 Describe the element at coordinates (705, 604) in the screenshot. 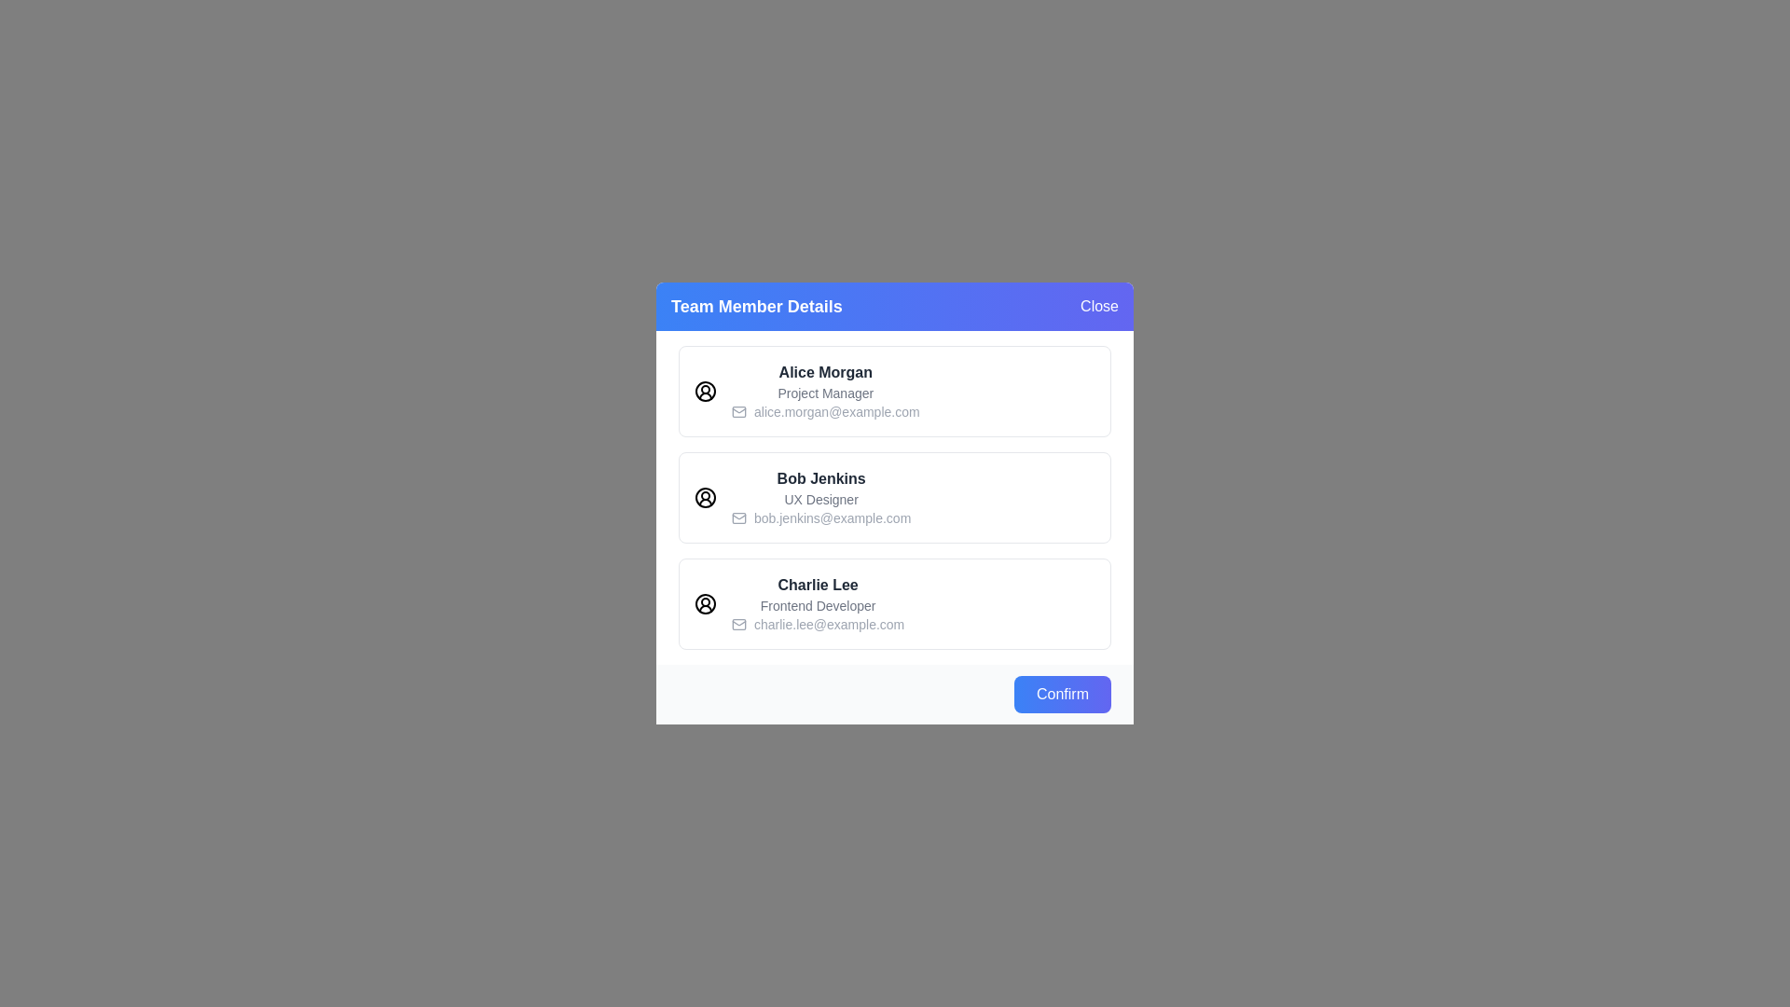

I see `the user avatar icon representing 'Charlie Lee', which is located at the top-left corner of his user card, the third in a vertically stacked list of user cards` at that location.